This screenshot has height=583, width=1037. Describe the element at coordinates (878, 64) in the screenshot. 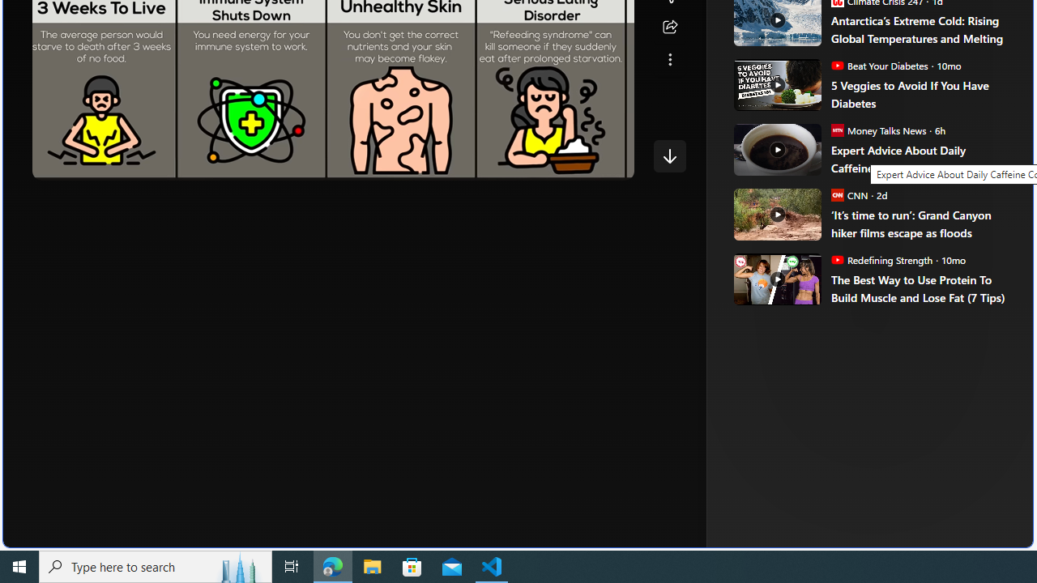

I see `'Beat Your Diabetes Beat Your Diabetes'` at that location.